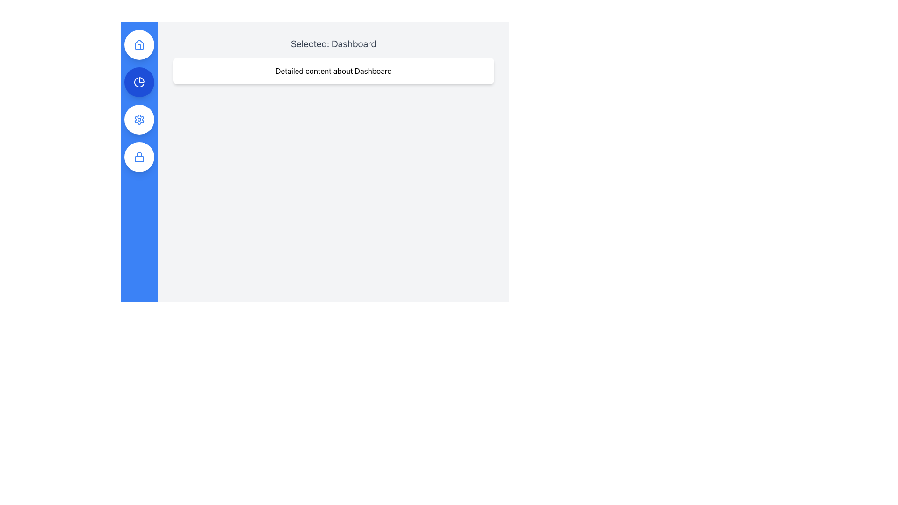 This screenshot has height=505, width=898. I want to click on the second circular navigation icon on the left side of the interface, so click(138, 82).